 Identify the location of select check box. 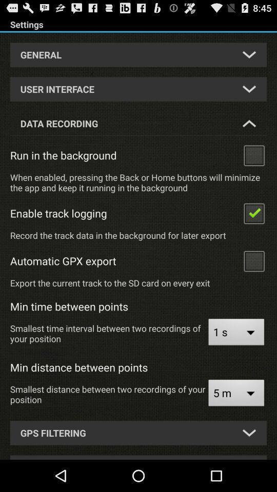
(253, 212).